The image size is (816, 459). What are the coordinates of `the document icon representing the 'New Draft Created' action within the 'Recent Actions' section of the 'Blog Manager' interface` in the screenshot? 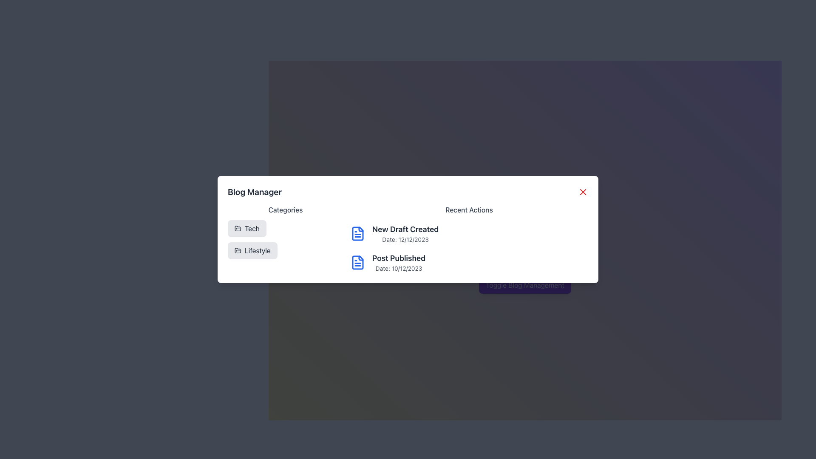 It's located at (357, 234).